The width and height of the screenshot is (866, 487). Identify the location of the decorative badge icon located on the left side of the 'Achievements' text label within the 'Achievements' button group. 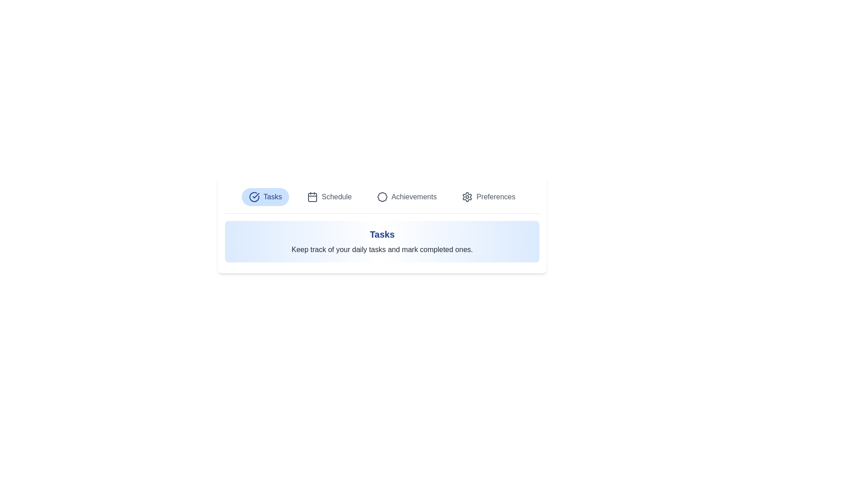
(382, 196).